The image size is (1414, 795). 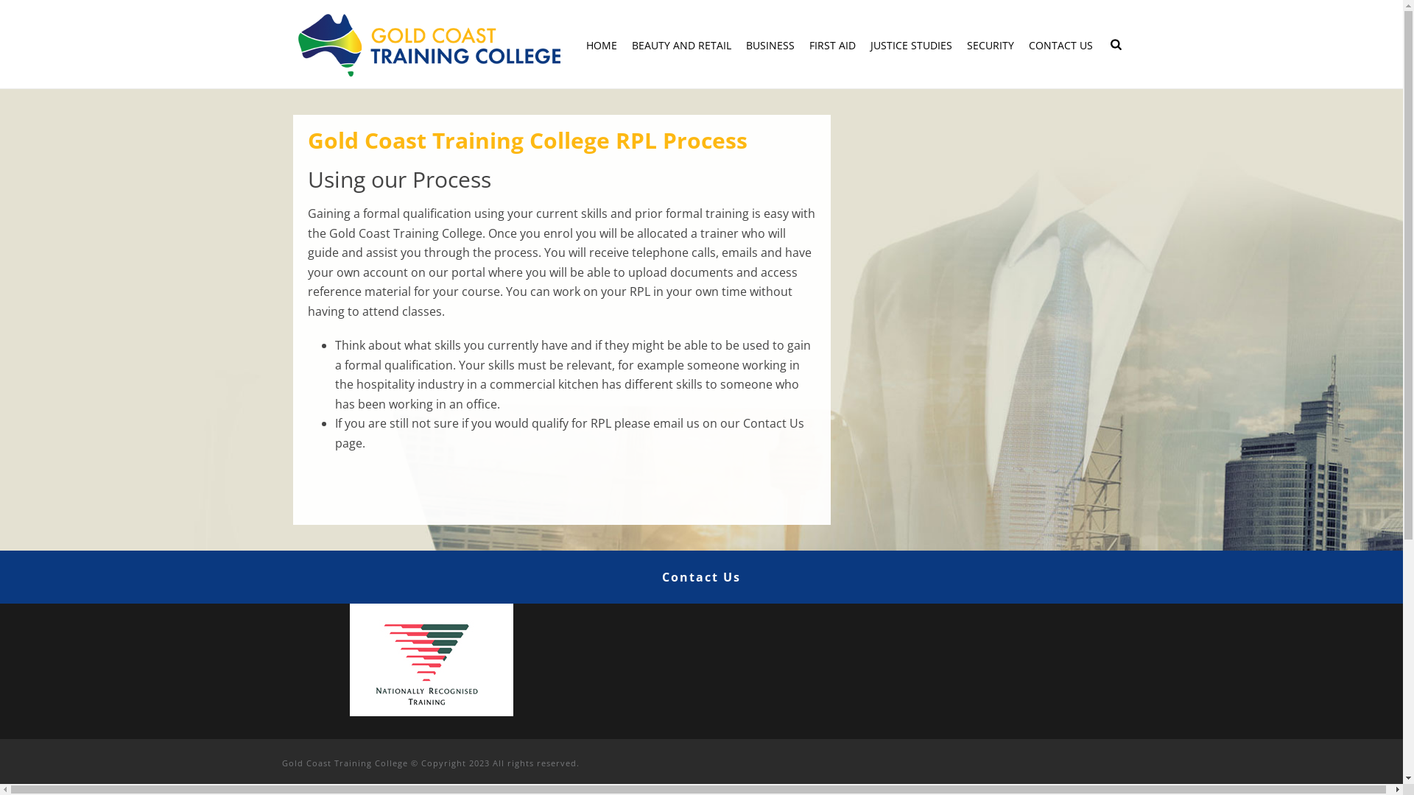 I want to click on 'SECURITY', so click(x=990, y=44).